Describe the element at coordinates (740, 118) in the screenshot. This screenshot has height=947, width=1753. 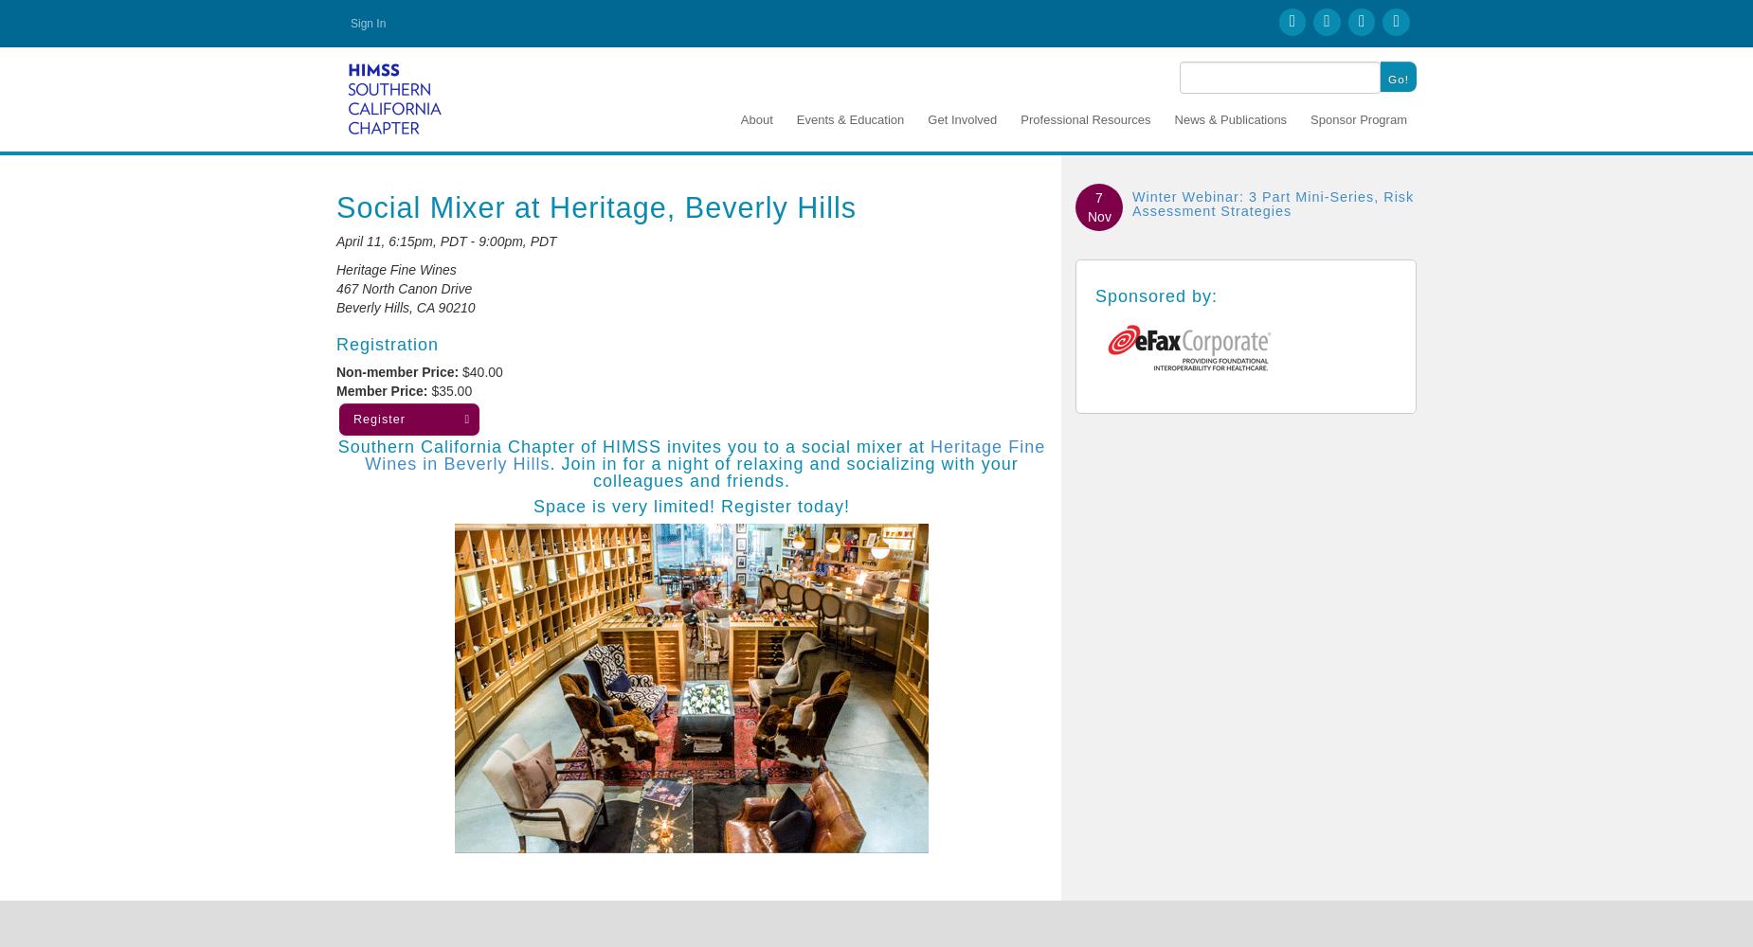
I see `'About'` at that location.